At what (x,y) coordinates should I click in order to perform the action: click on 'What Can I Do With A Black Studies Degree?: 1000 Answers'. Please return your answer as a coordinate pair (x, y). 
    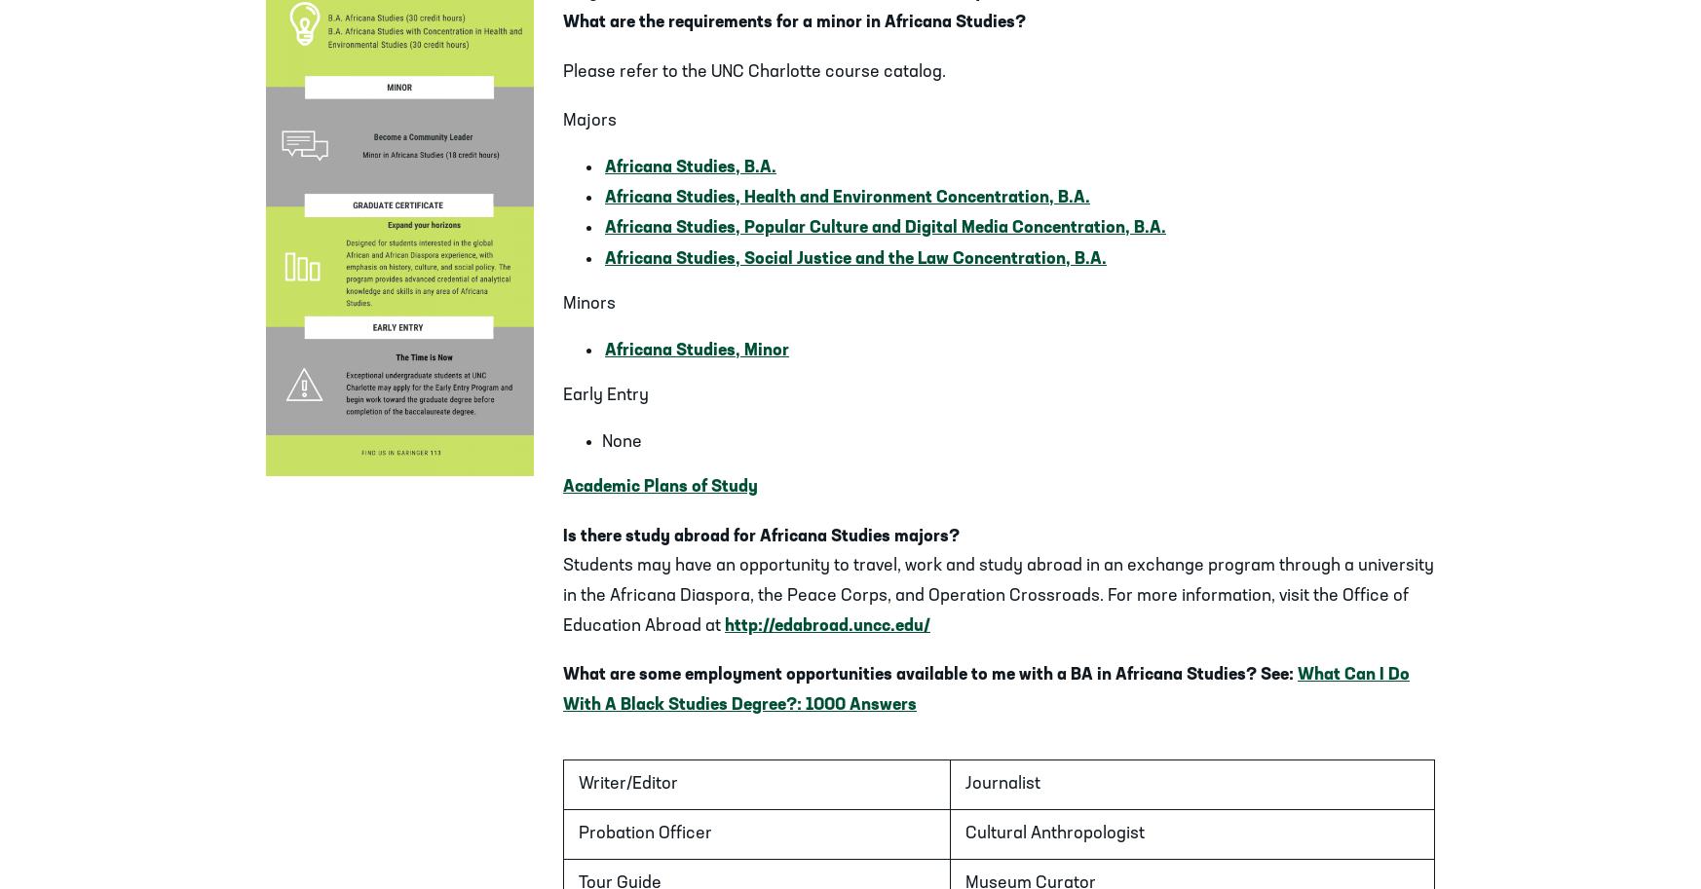
    Looking at the image, I should click on (986, 688).